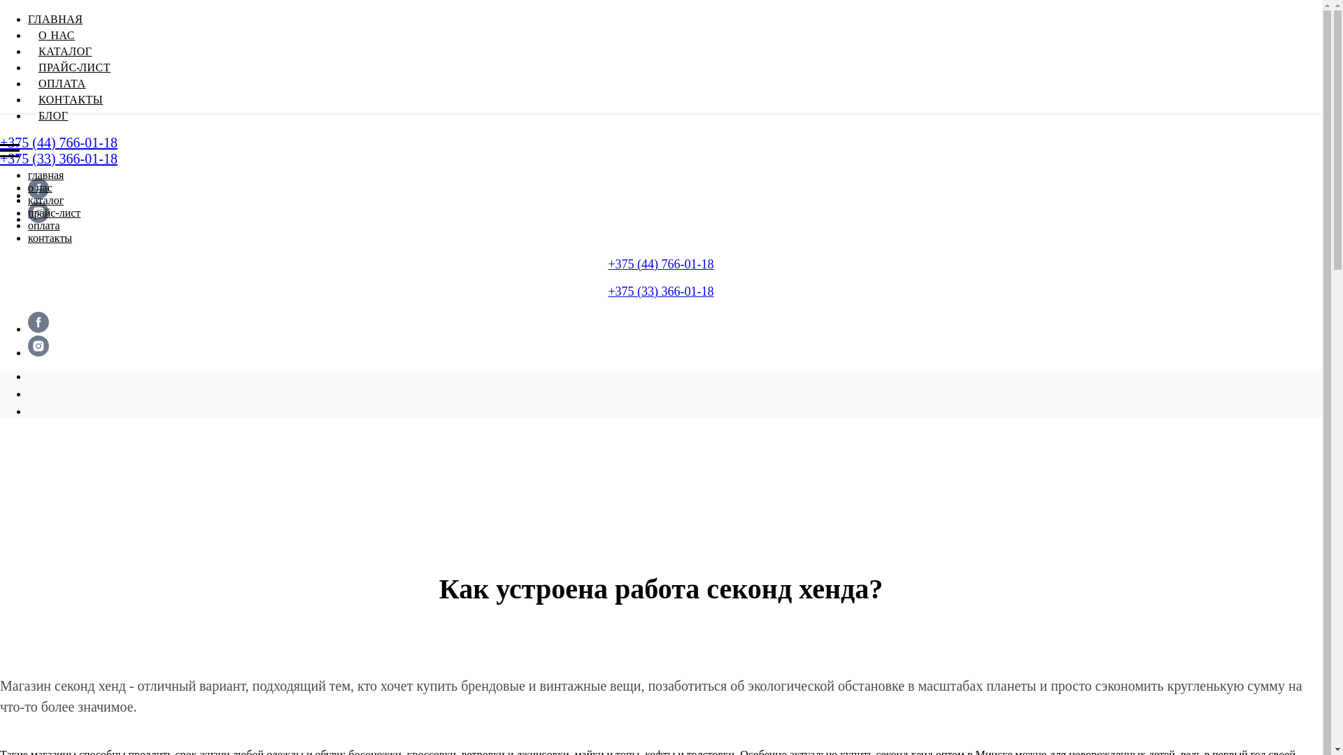  I want to click on '+375 (33) 366-01-18', so click(0, 158).